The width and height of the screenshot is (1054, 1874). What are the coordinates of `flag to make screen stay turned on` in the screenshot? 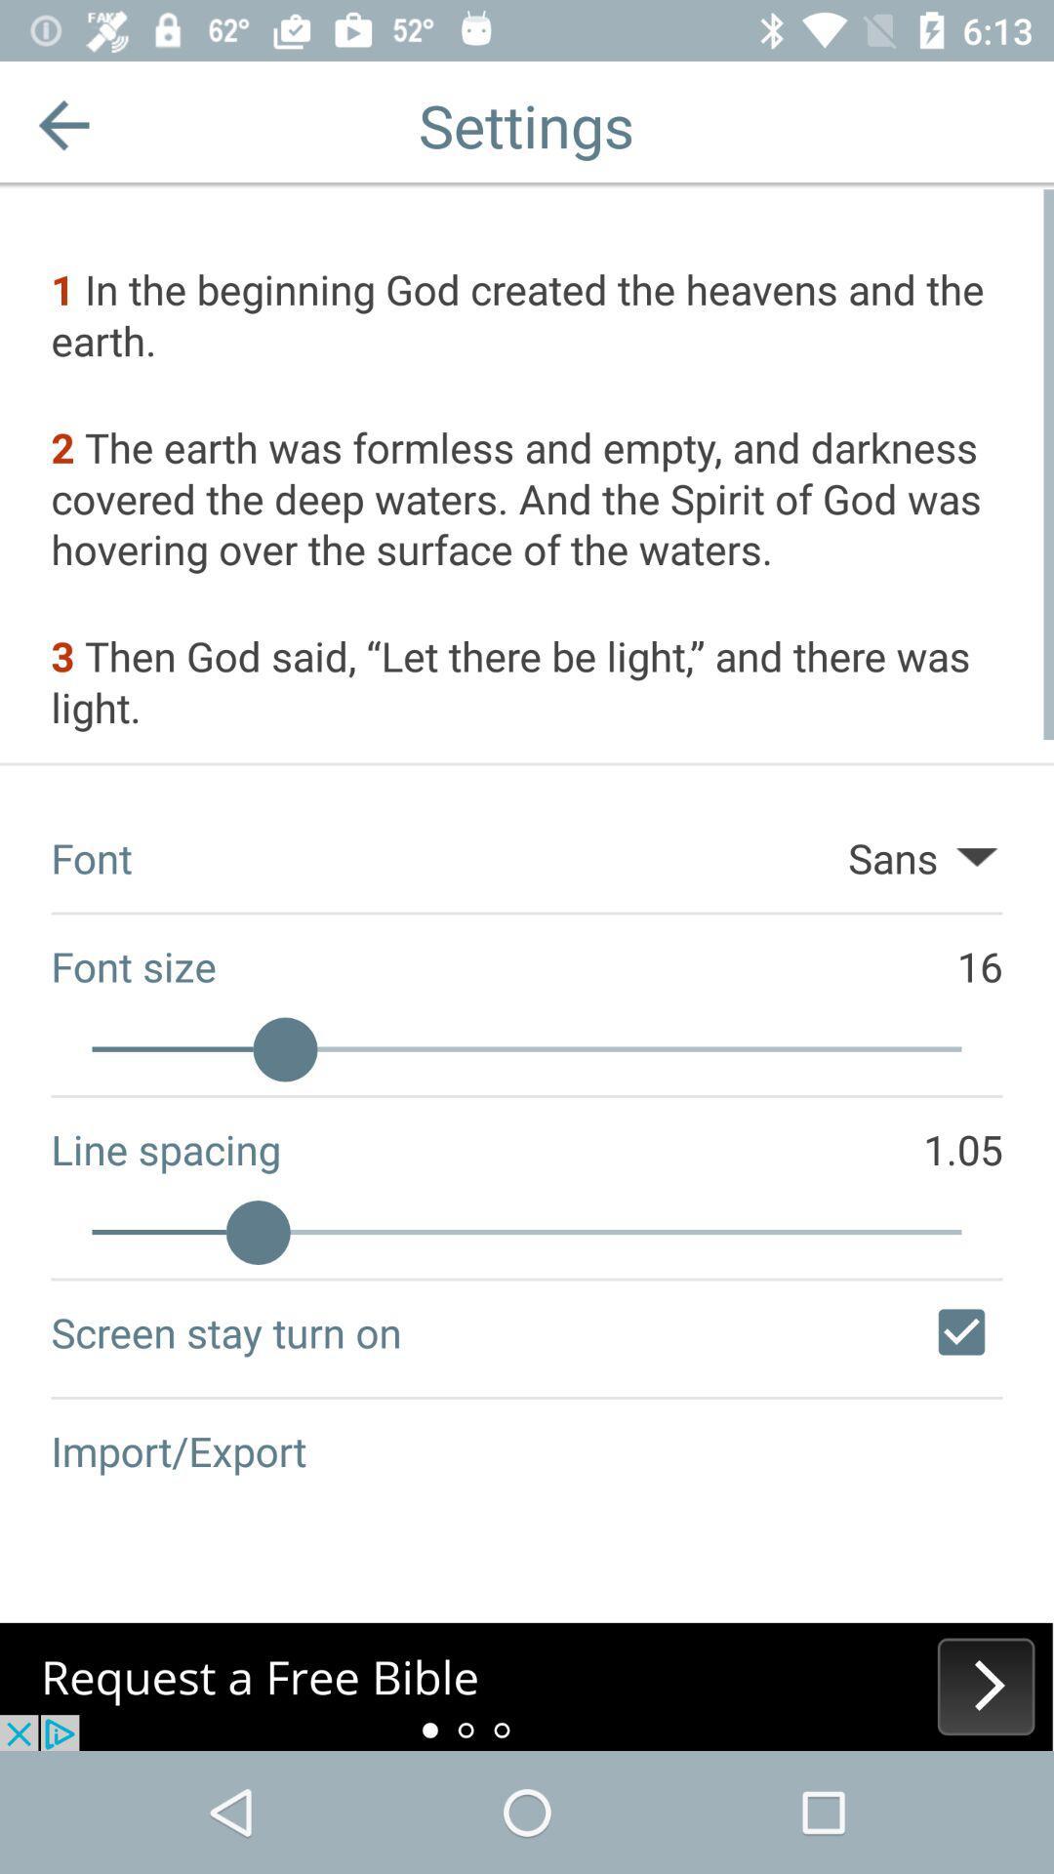 It's located at (960, 1330).